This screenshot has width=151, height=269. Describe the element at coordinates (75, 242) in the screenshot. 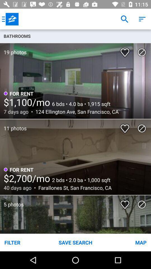

I see `save search icon` at that location.